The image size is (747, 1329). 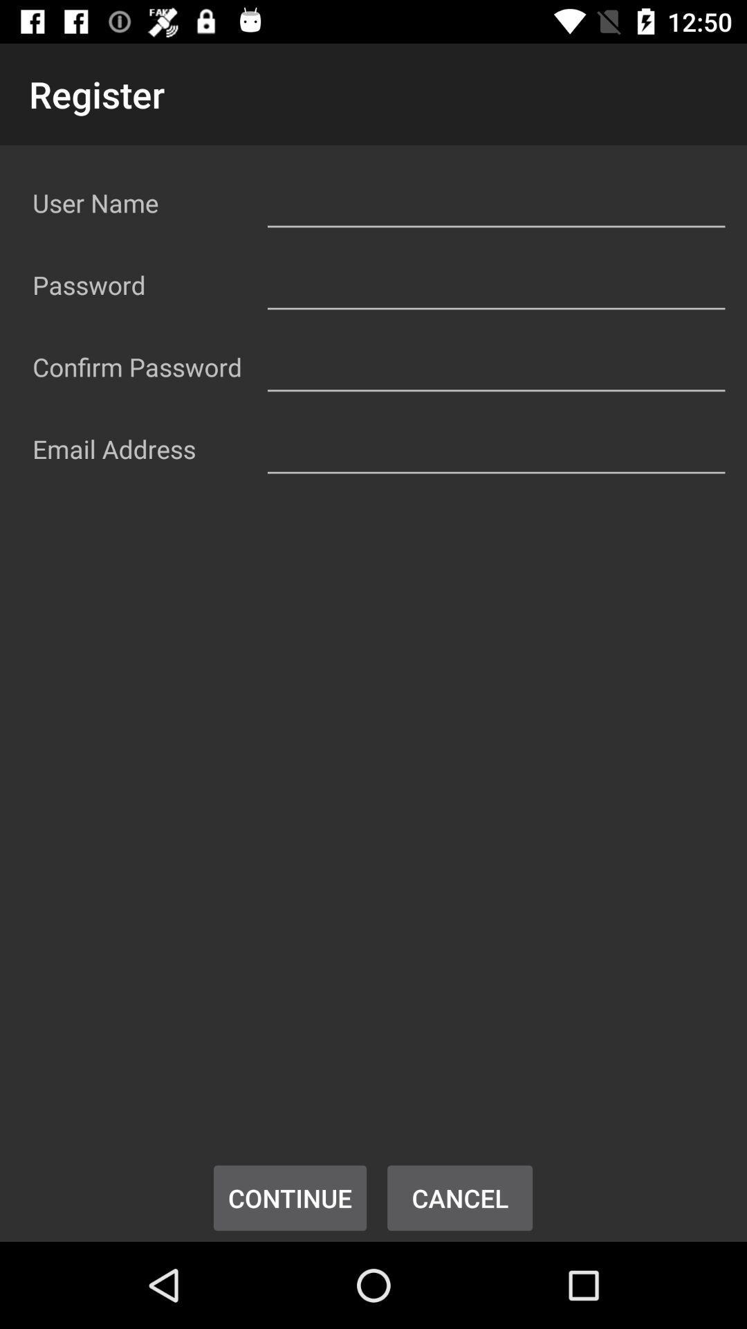 What do you see at coordinates (495, 282) in the screenshot?
I see `the text field which is next to the password` at bounding box center [495, 282].